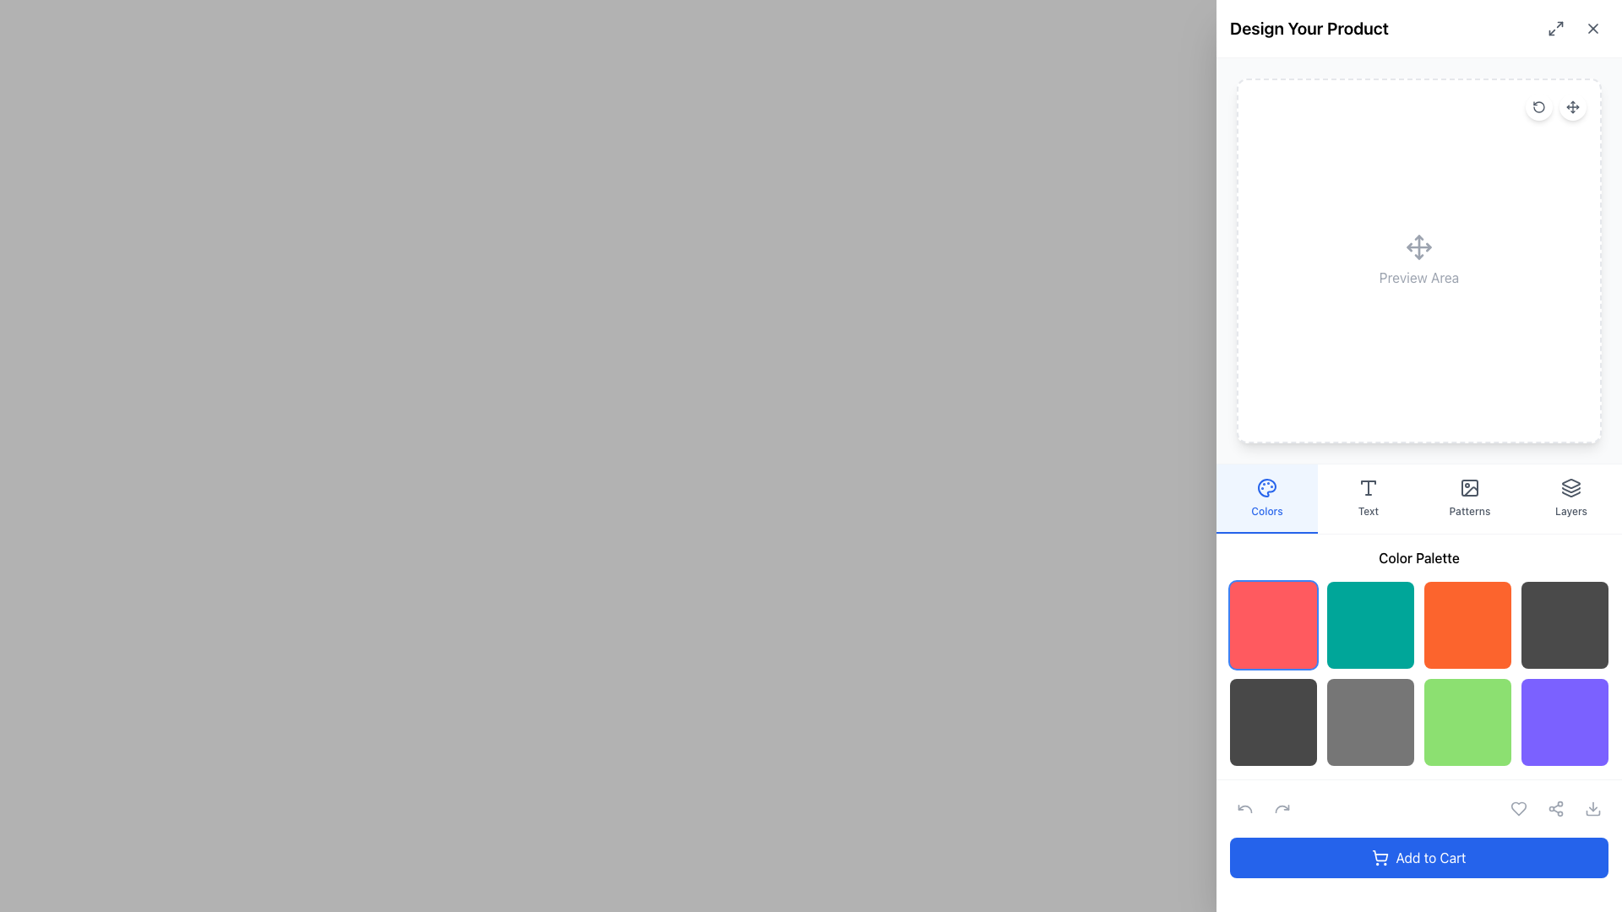  Describe the element at coordinates (1369, 497) in the screenshot. I see `the text tool button with an icon and label, which is located in the second position from the left in a horizontal row of buttons below the preview area and above the color palette section` at that location.